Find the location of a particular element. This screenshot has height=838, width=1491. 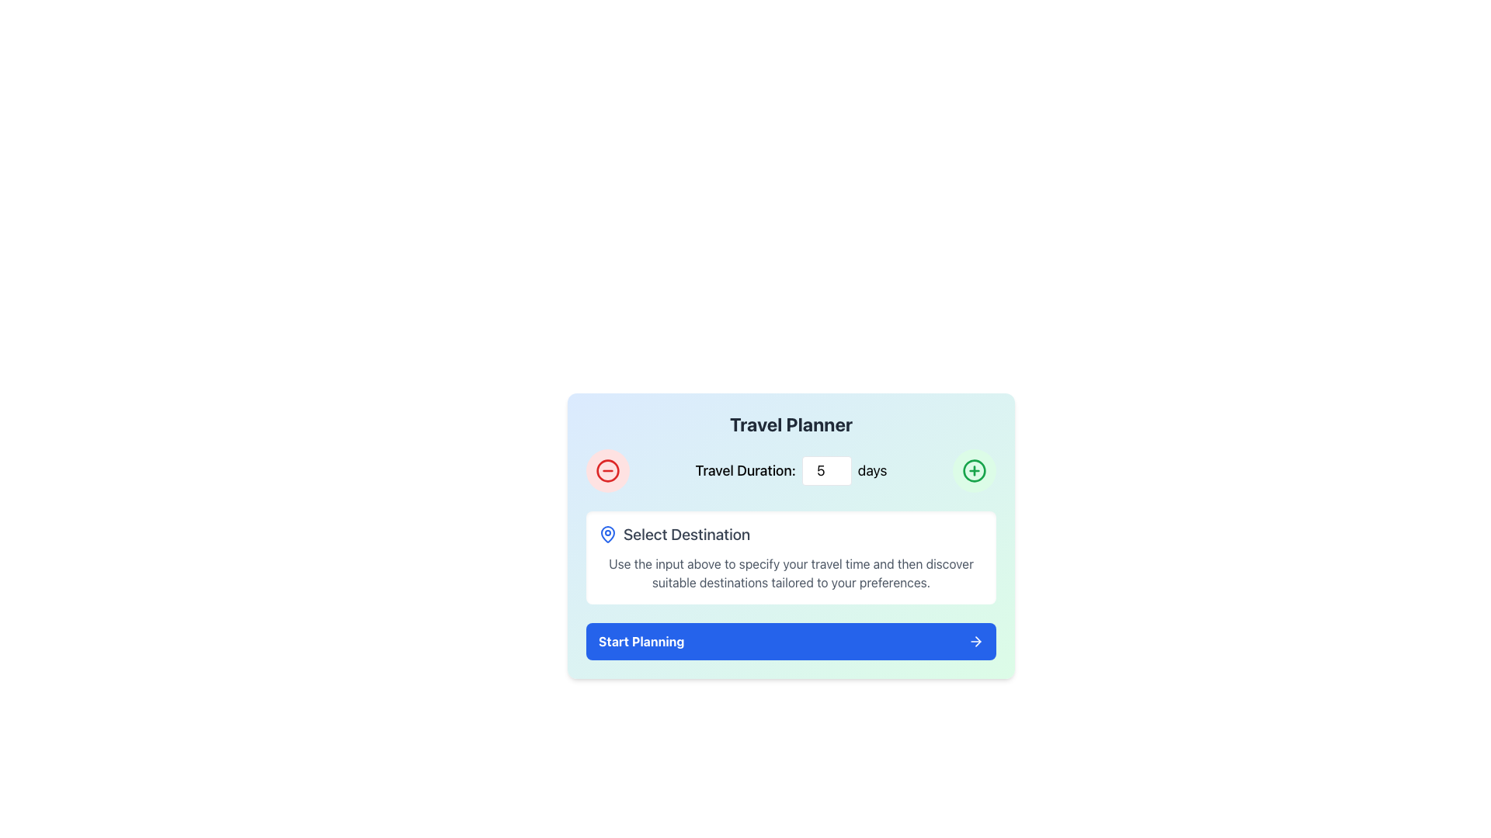

the increment button located in the top-right corner of the 'Travel Duration' section to increase the value in the associated input field is located at coordinates (973, 469).